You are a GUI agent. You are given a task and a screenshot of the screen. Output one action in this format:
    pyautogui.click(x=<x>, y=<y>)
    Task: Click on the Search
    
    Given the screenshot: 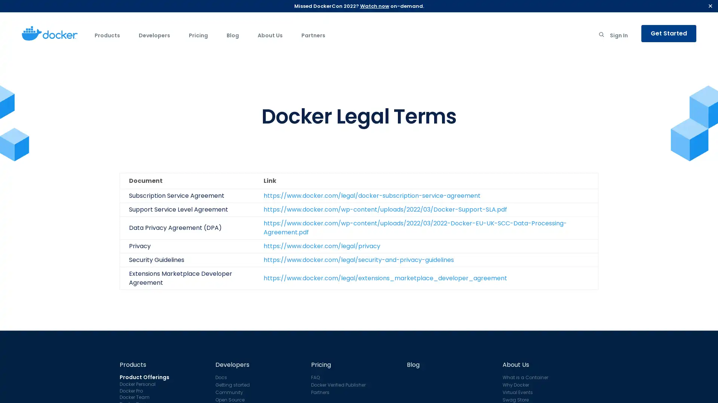 What is the action you would take?
    pyautogui.click(x=601, y=36)
    